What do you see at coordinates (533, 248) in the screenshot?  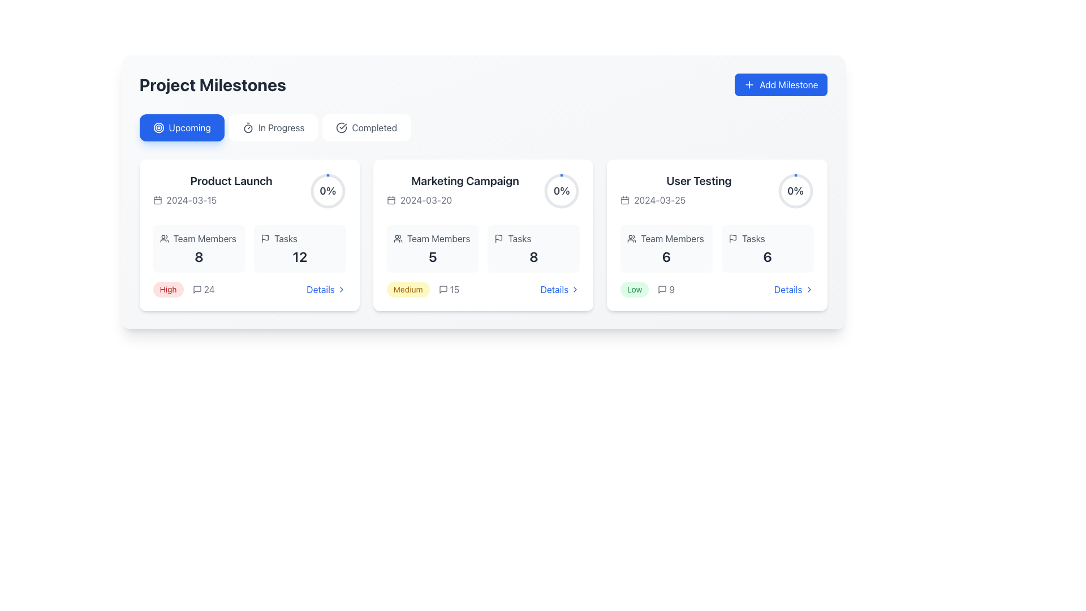 I see `the 'Tasks' label with the numeral '8', styled with a smaller grey font and a larger bolded black numeral, which is preceded by a grey flag icon` at bounding box center [533, 248].